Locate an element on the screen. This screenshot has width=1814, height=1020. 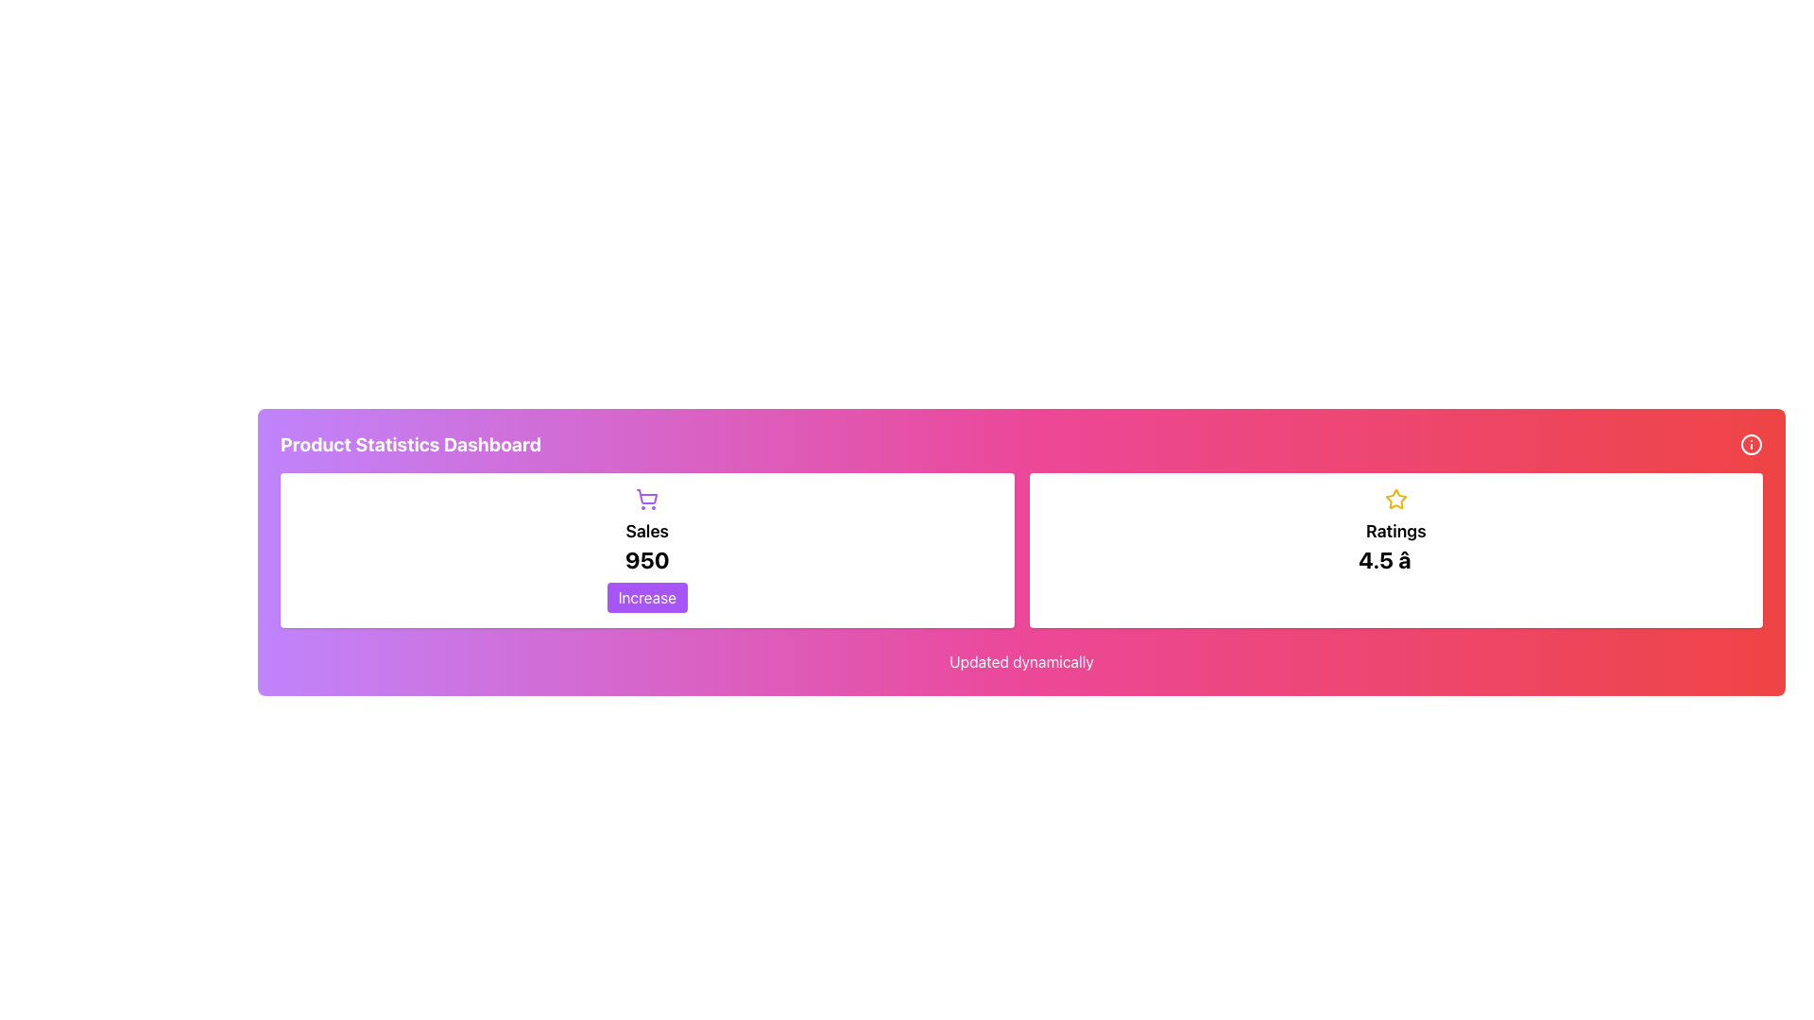
the sales descriptor Text label located centrally within the white card interface, positioned below the shopping cart icon and above the numerical value '950' is located at coordinates (647, 532).